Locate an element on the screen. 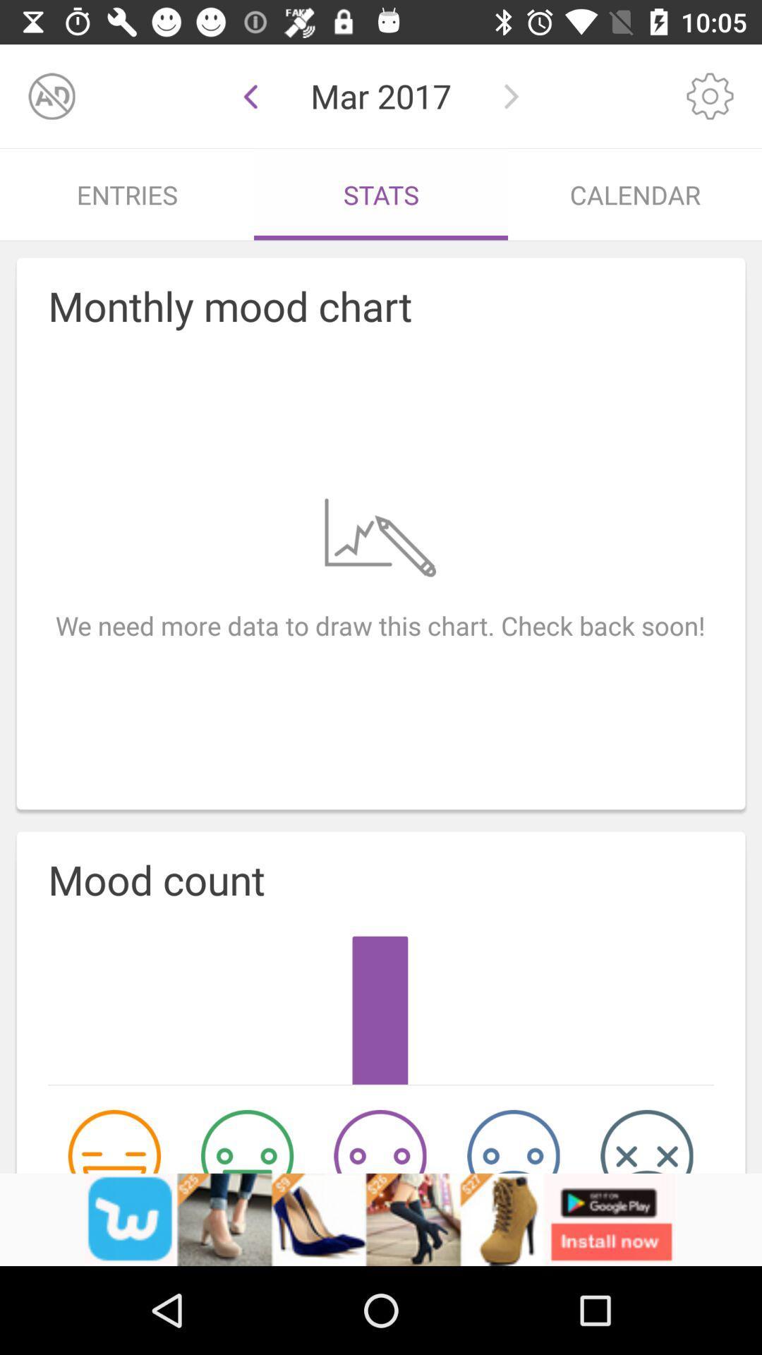  previous page is located at coordinates (250, 95).